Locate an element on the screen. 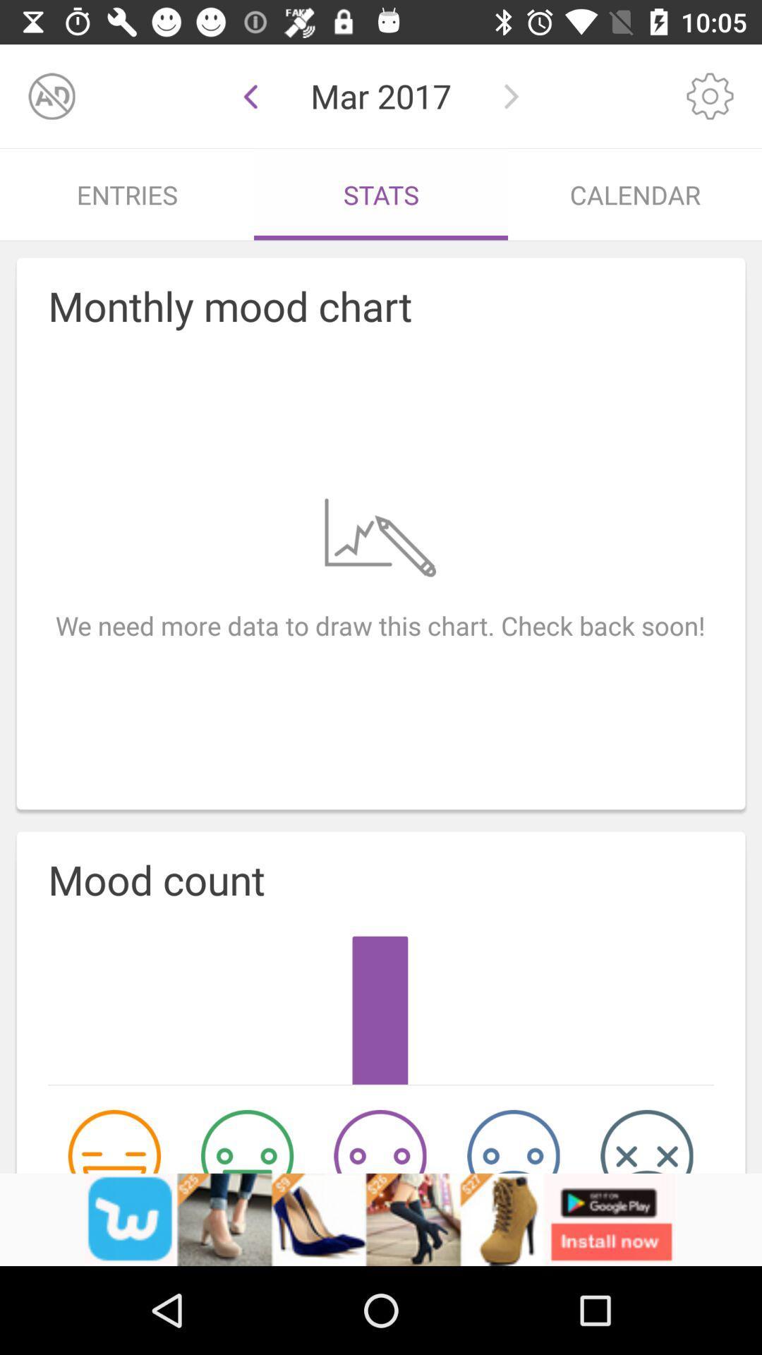  previous page is located at coordinates (250, 95).